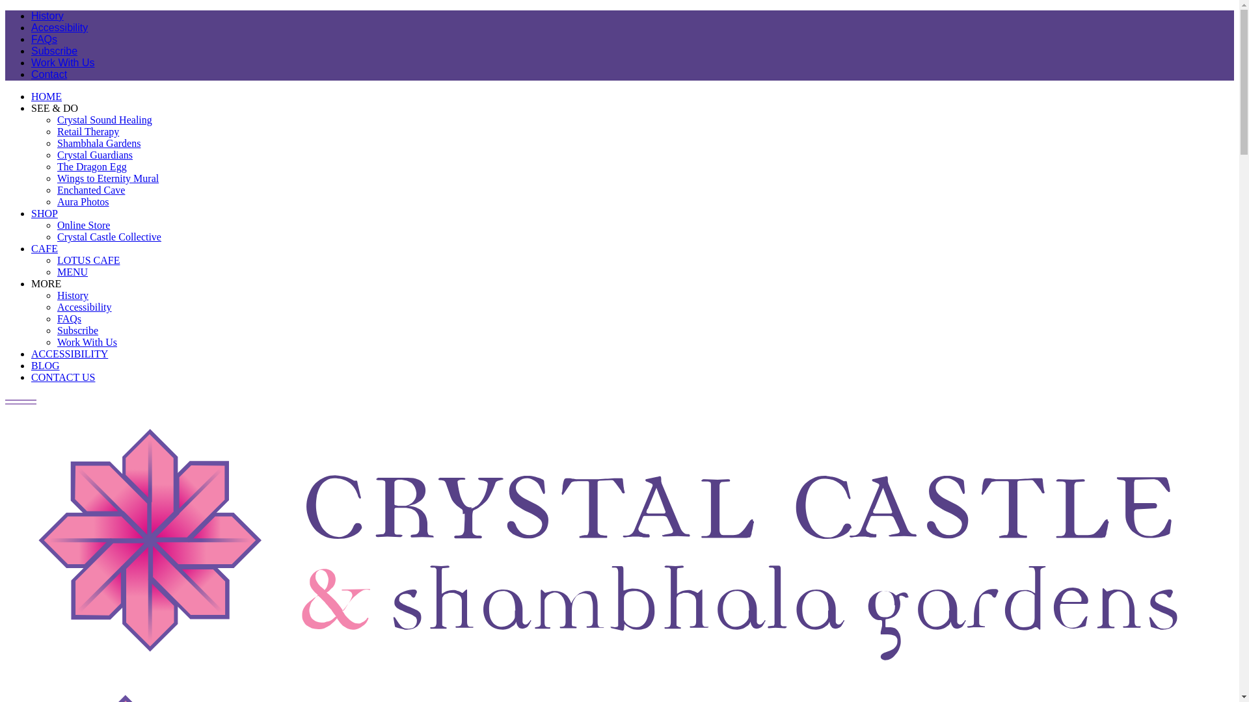 The image size is (1249, 702). Describe the element at coordinates (31, 365) in the screenshot. I see `'BLOG'` at that location.